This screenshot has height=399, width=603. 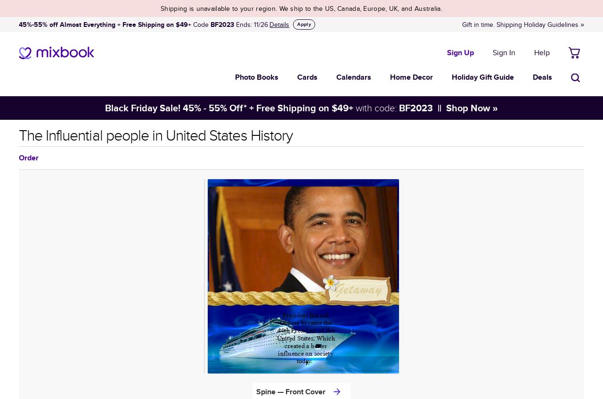 I want to click on 'Details', so click(x=279, y=24).